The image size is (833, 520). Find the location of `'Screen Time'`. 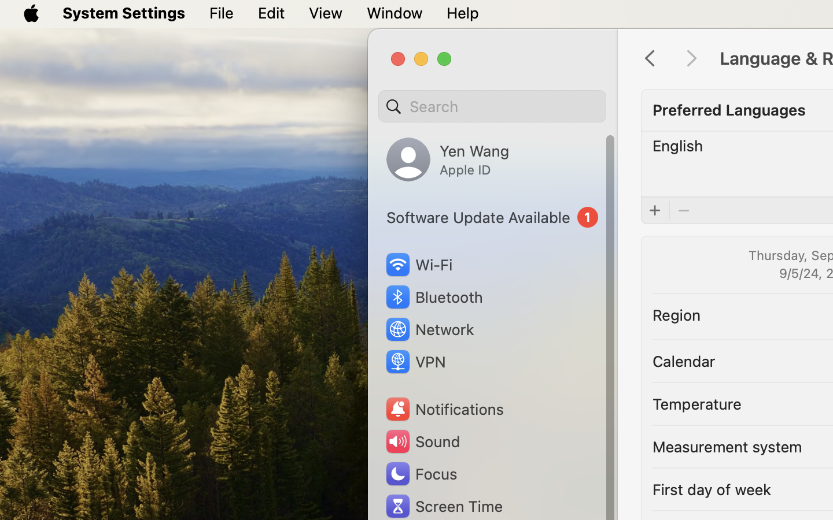

'Screen Time' is located at coordinates (443, 506).